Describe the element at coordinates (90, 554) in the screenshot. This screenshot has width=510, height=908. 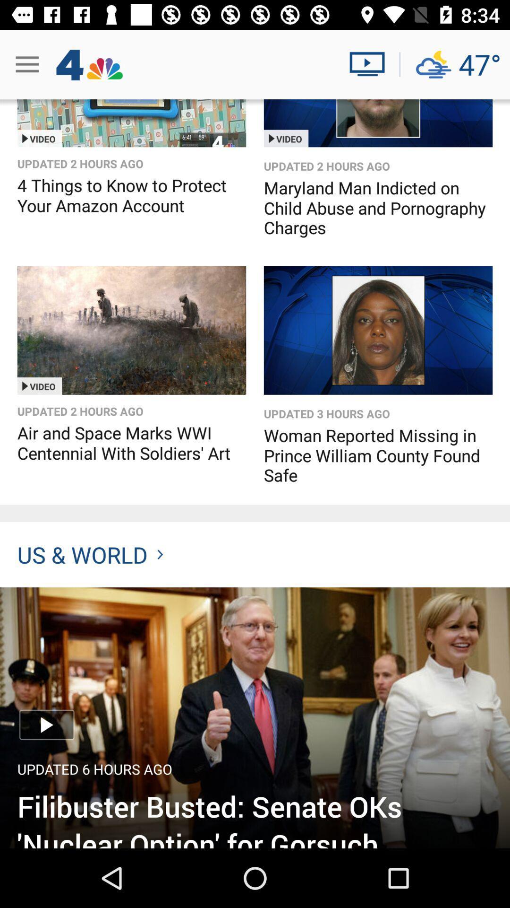
I see `us & world item` at that location.